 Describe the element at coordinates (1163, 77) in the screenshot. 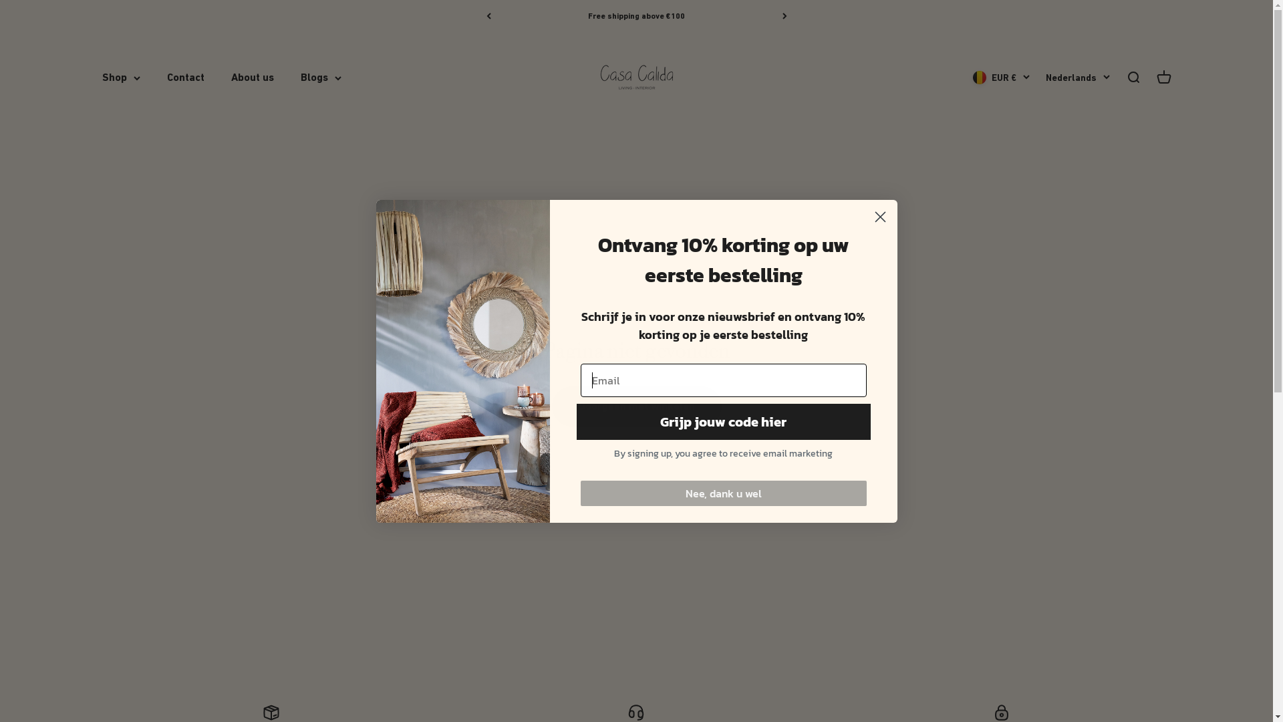

I see `'Winkelwagen openen` at that location.